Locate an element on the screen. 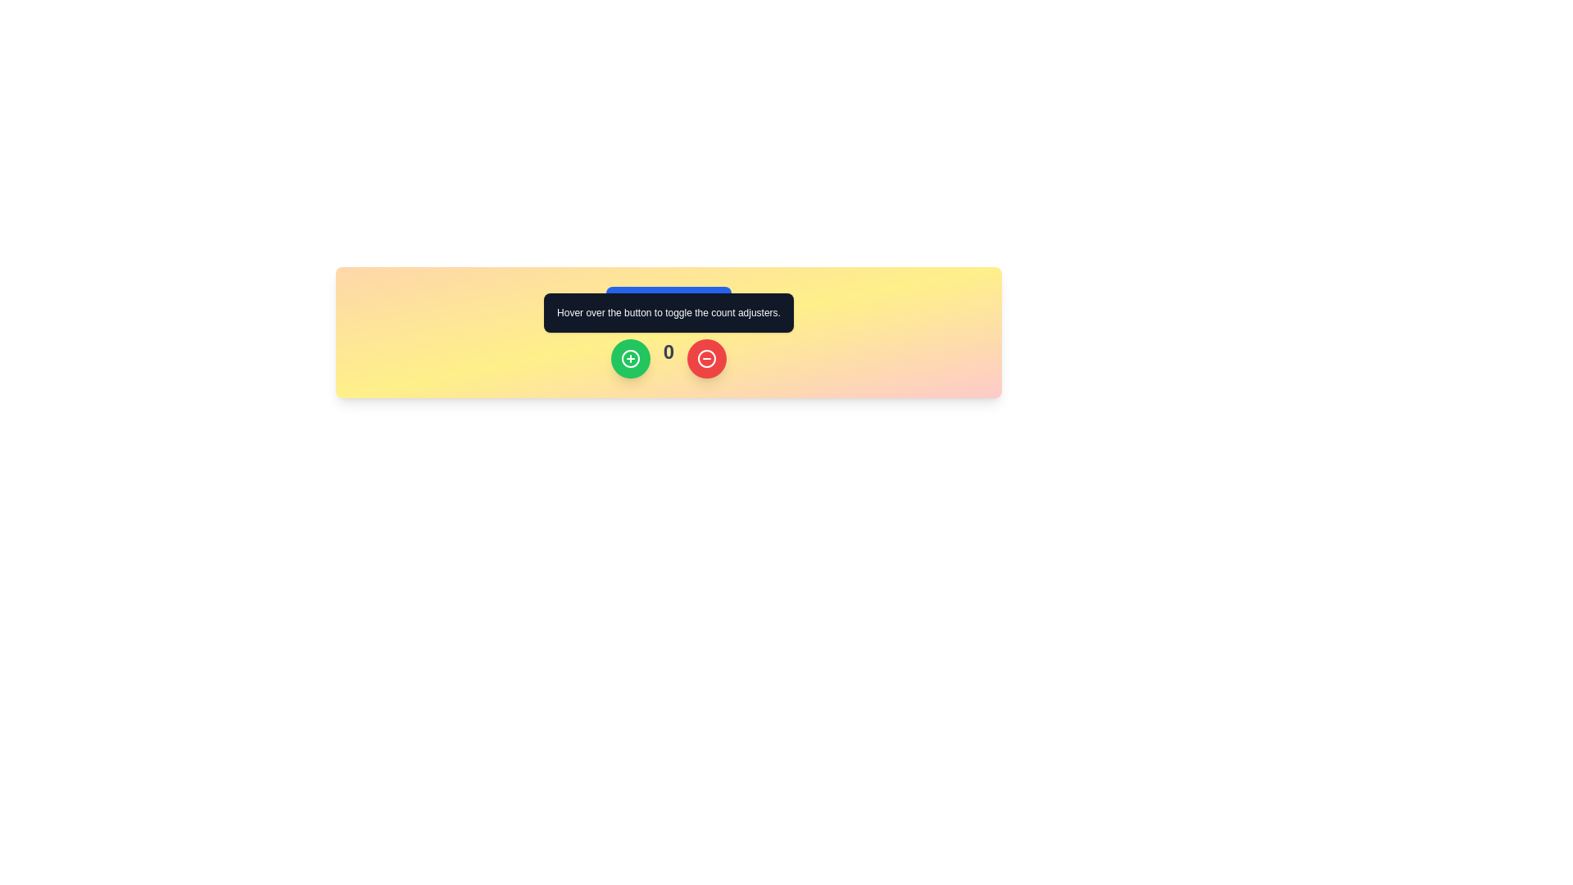 This screenshot has width=1573, height=885. the second interactive button located beneath a tooltip and to the right of a green circular button with a plus sign to decrease the count or perform the intended action is located at coordinates (707, 358).